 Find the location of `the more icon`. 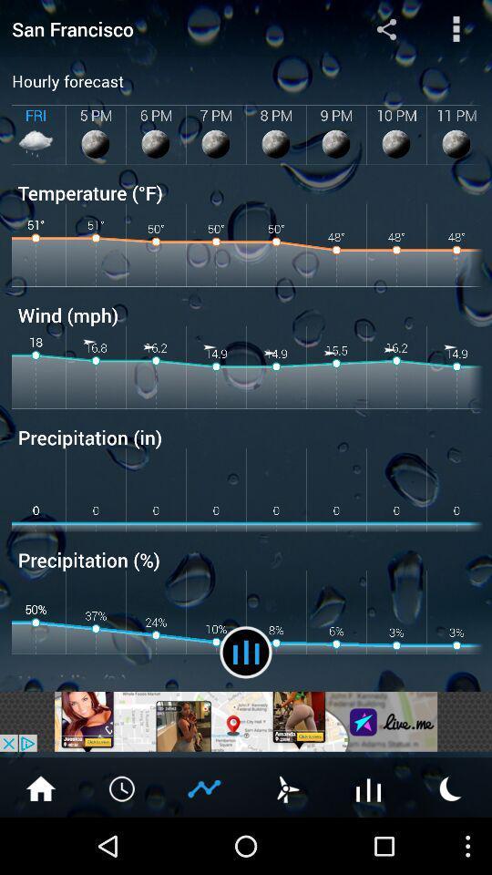

the more icon is located at coordinates (456, 30).